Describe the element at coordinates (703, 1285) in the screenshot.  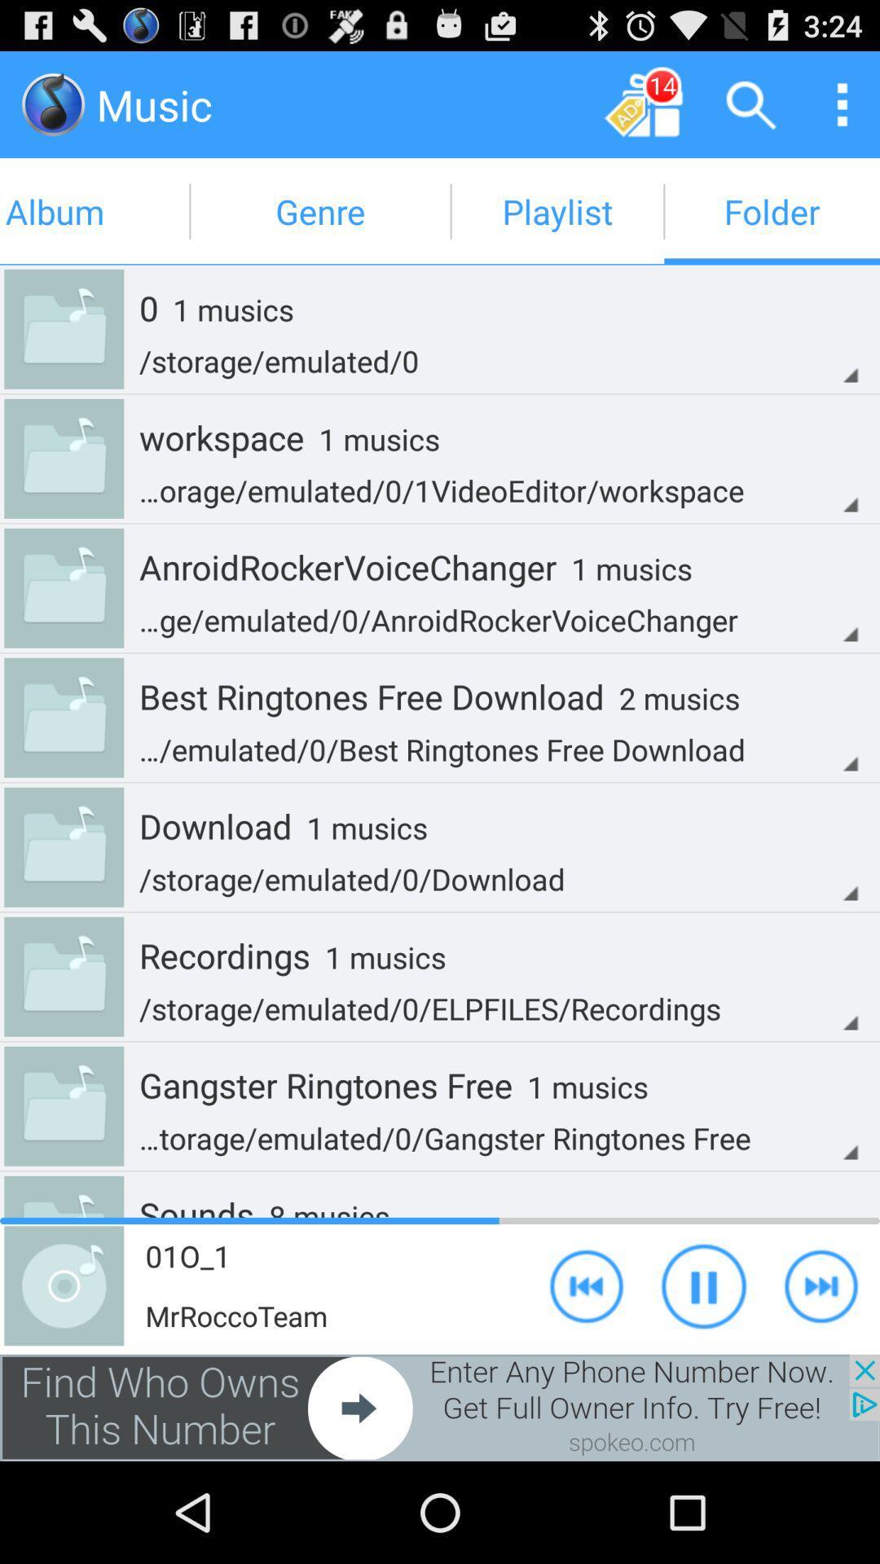
I see `pasue option` at that location.